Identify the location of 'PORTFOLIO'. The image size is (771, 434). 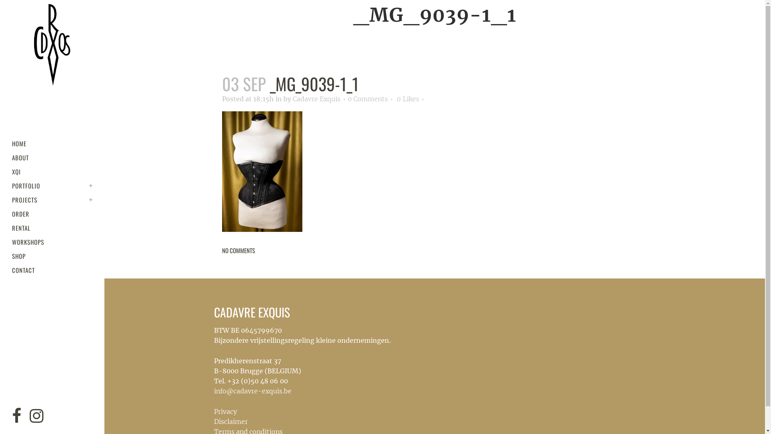
(51, 186).